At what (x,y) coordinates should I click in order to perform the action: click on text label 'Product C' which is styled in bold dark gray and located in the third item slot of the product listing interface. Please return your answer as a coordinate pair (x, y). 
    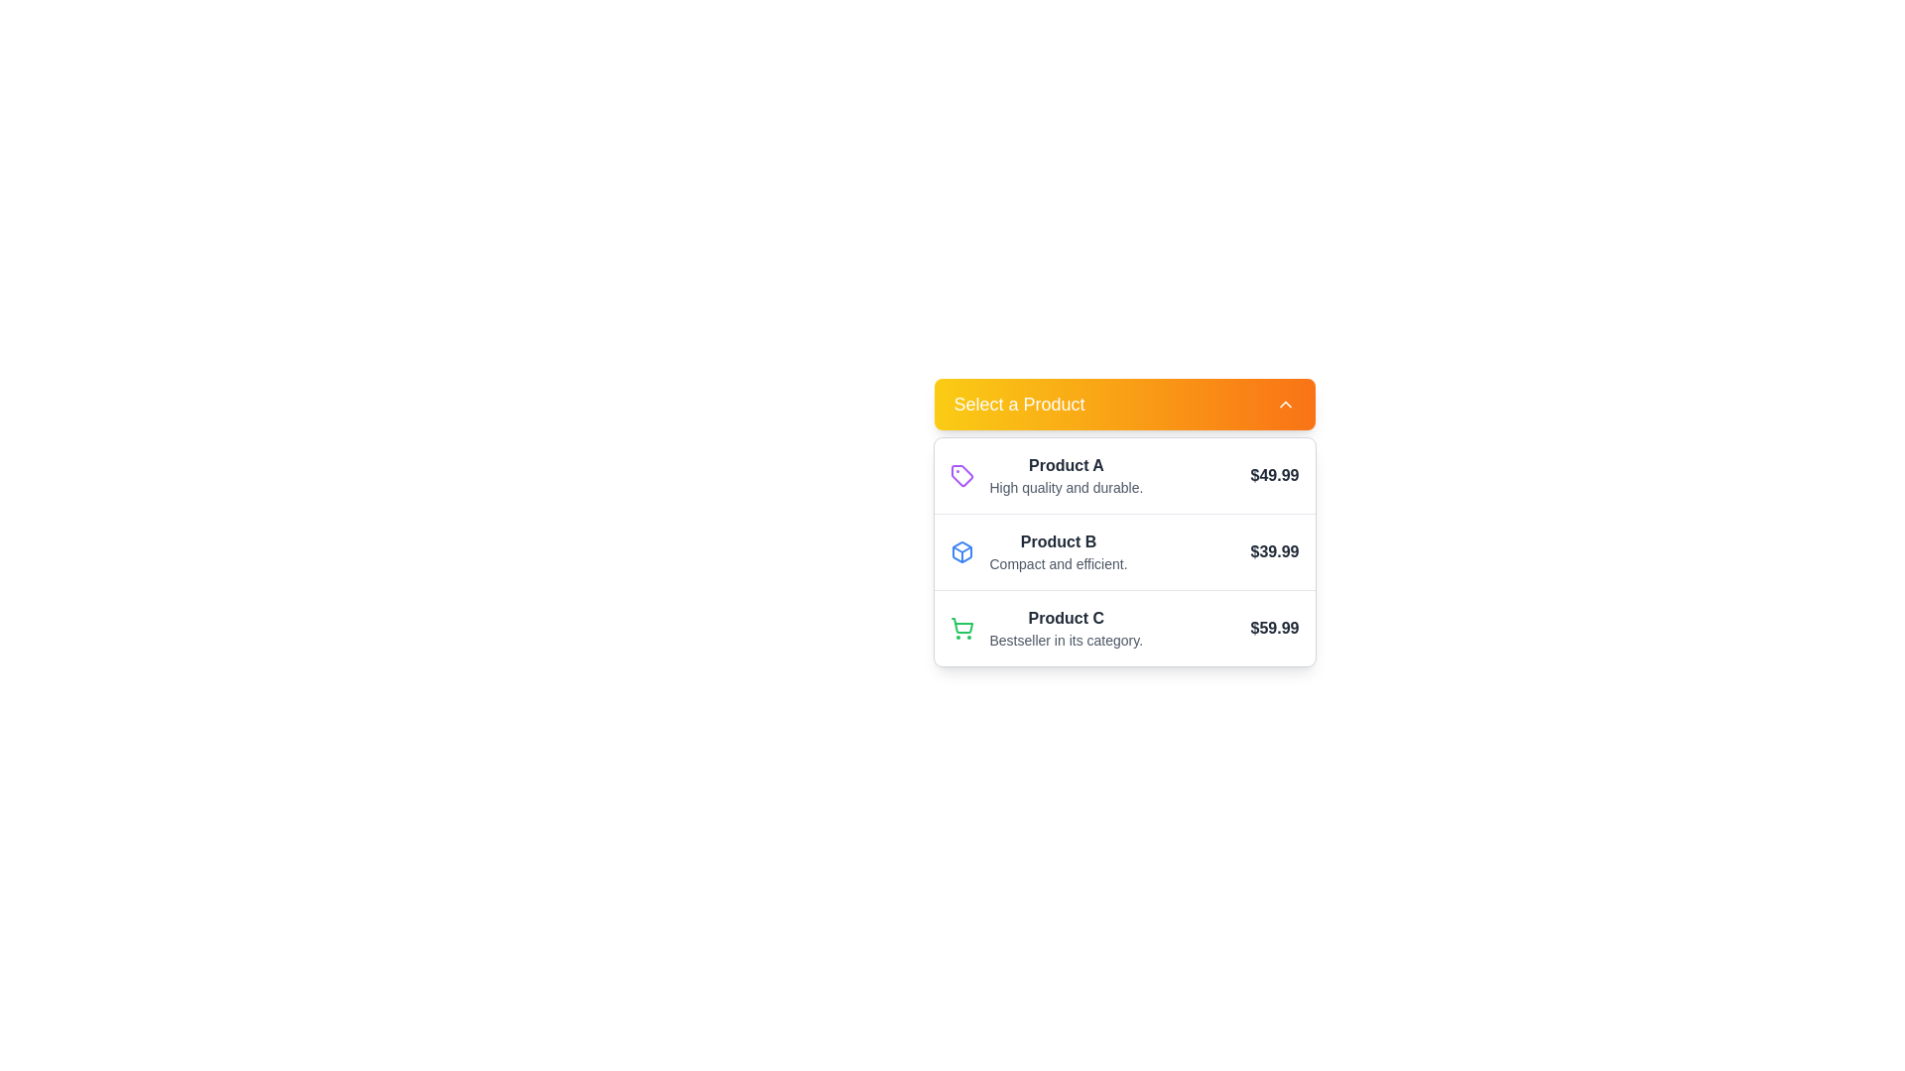
    Looking at the image, I should click on (1065, 618).